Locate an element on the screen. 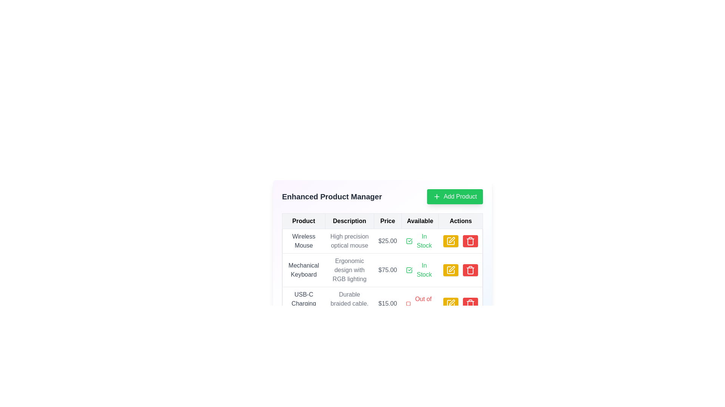 Image resolution: width=725 pixels, height=407 pixels. the edit icon located in the 'Actions' column of the last row in the products table to initiate editing is located at coordinates (451, 303).